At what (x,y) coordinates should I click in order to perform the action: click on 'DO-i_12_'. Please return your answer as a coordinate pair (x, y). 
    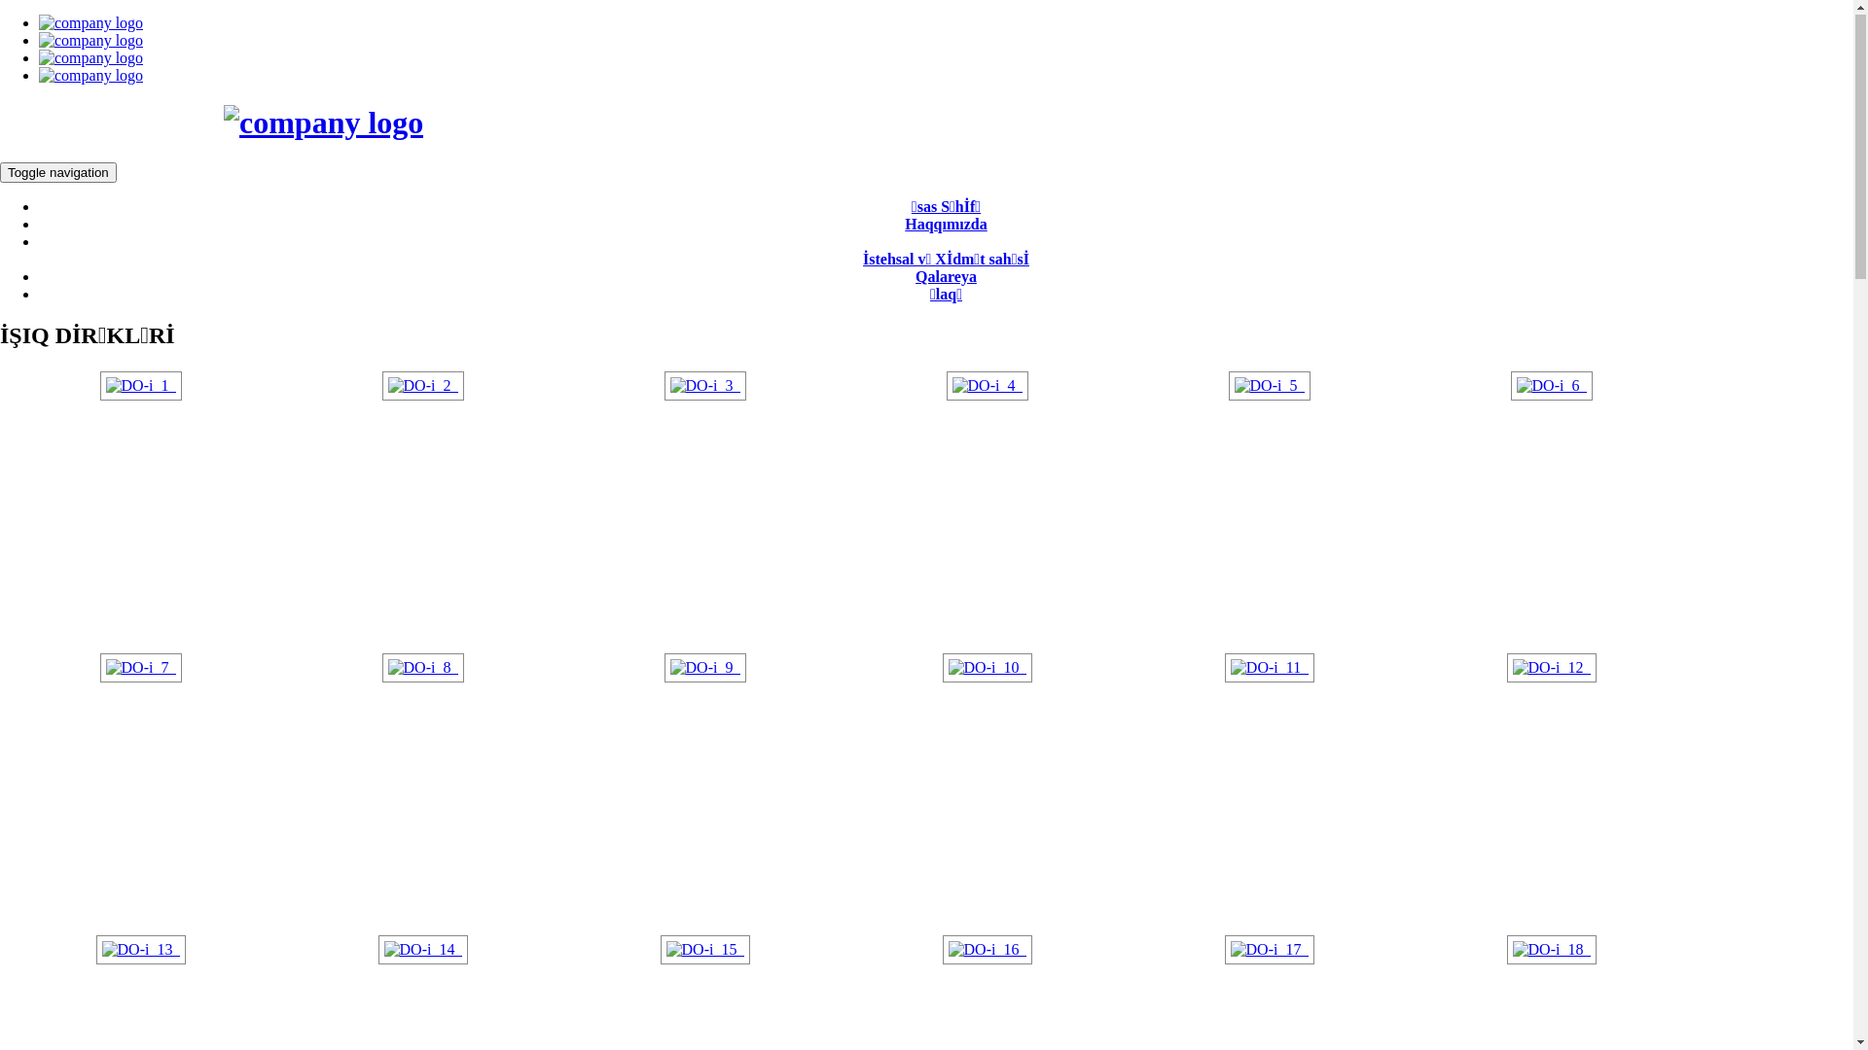
    Looking at the image, I should click on (1551, 667).